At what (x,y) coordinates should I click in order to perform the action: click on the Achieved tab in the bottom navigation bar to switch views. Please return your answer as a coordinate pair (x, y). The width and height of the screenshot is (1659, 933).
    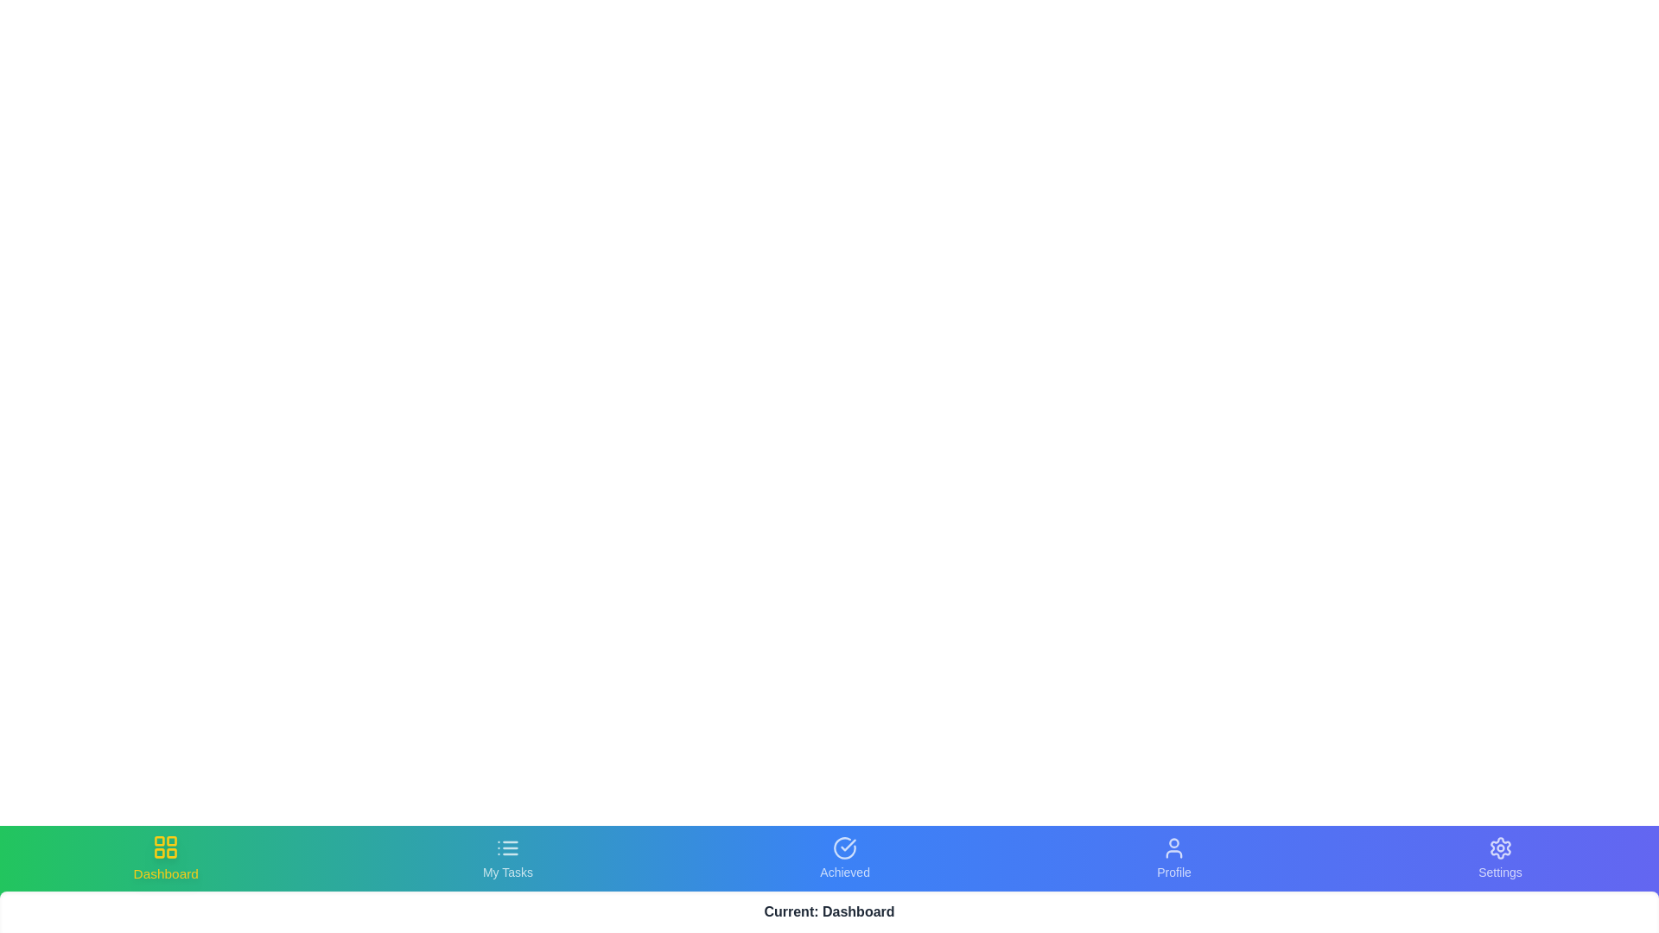
    Looking at the image, I should click on (845, 859).